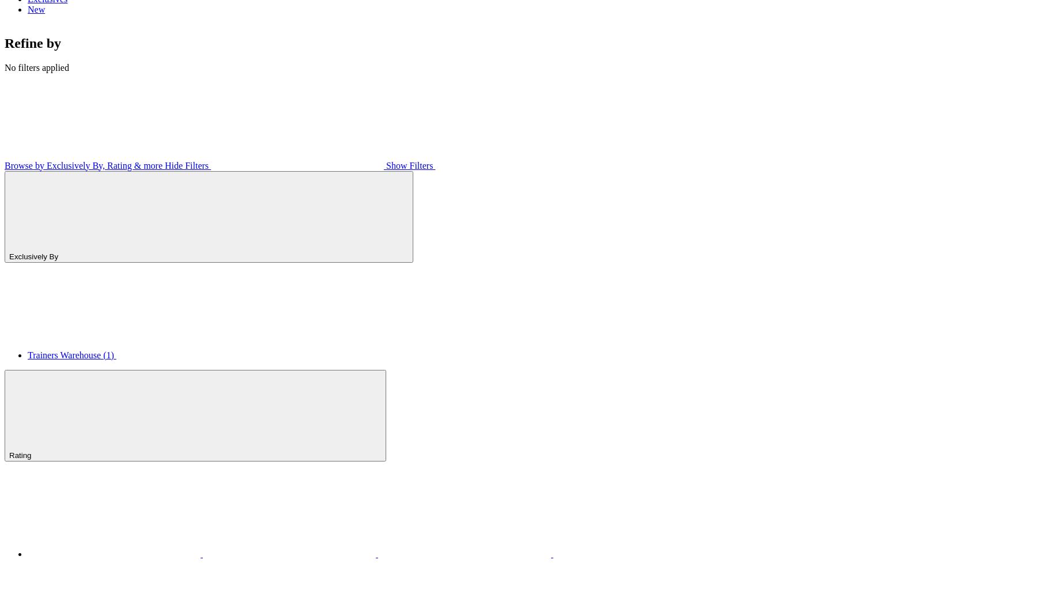 The height and width of the screenshot is (609, 1064). Describe the element at coordinates (84, 164) in the screenshot. I see `'Browse by Exclusively By, Rating & more'` at that location.